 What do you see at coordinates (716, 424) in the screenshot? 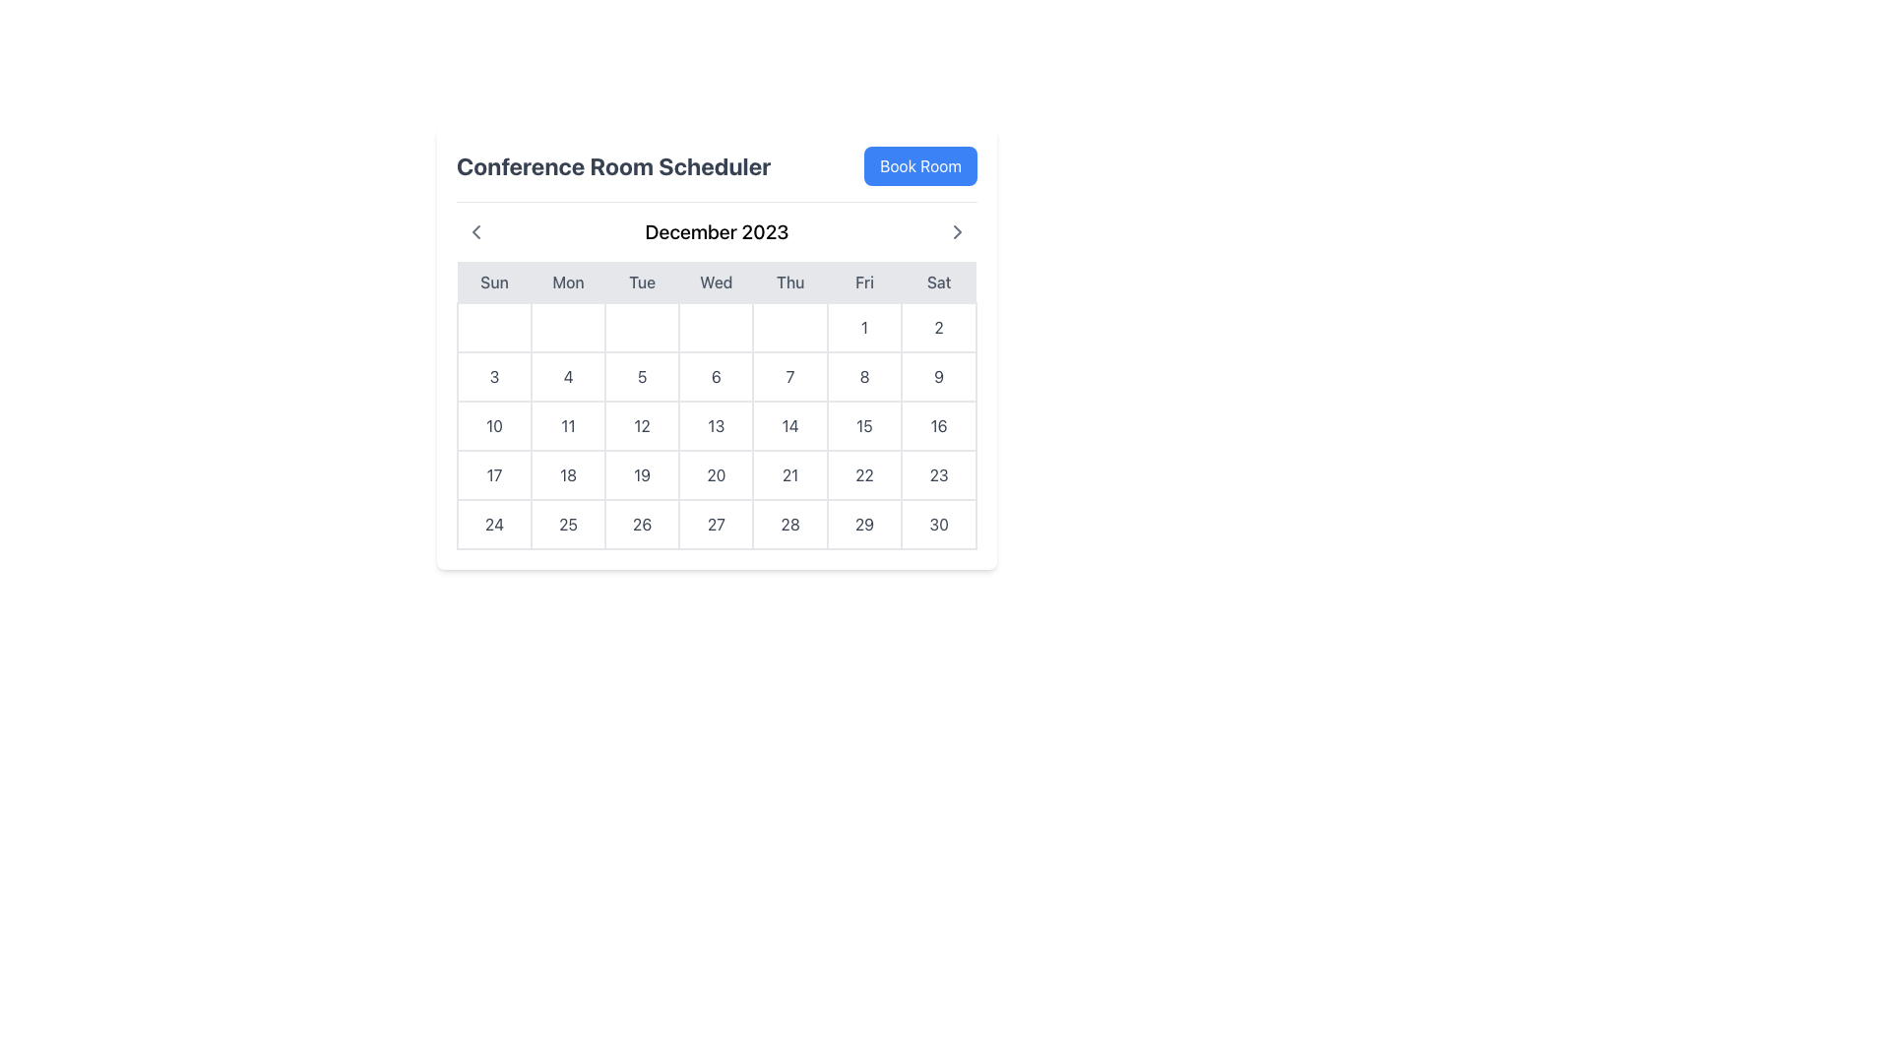
I see `the Calendar Date Cell indicating the 13th of the month` at bounding box center [716, 424].